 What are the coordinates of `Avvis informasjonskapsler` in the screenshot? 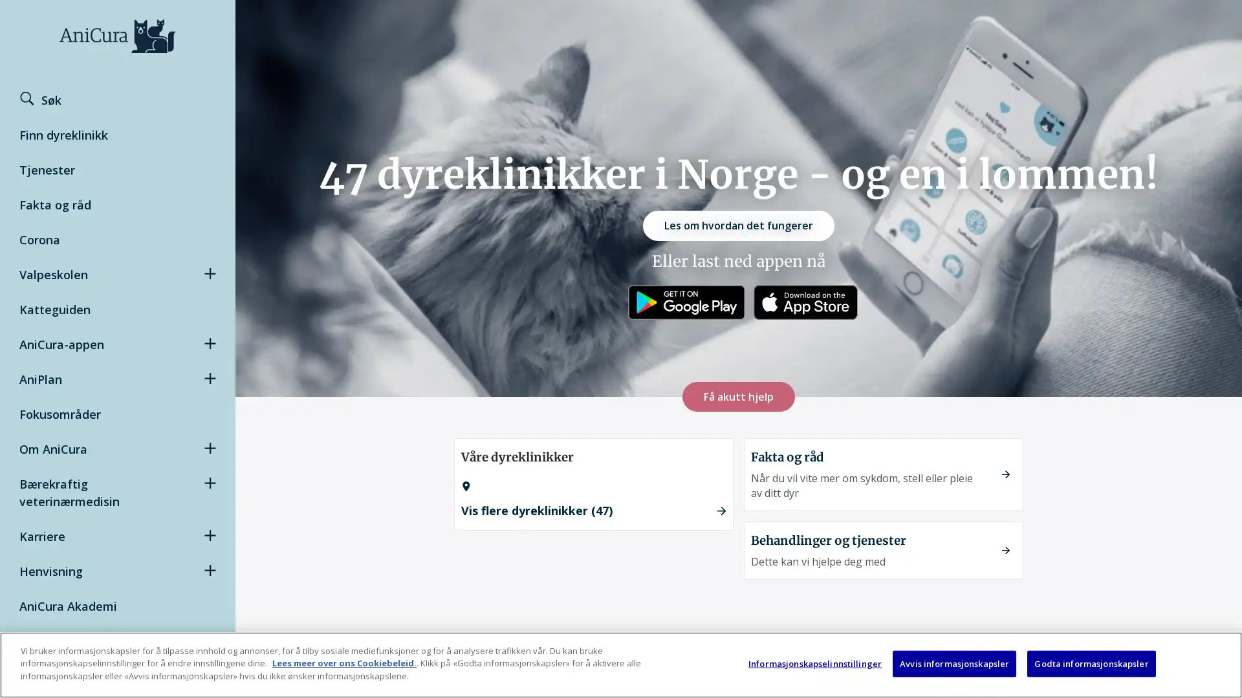 It's located at (954, 663).